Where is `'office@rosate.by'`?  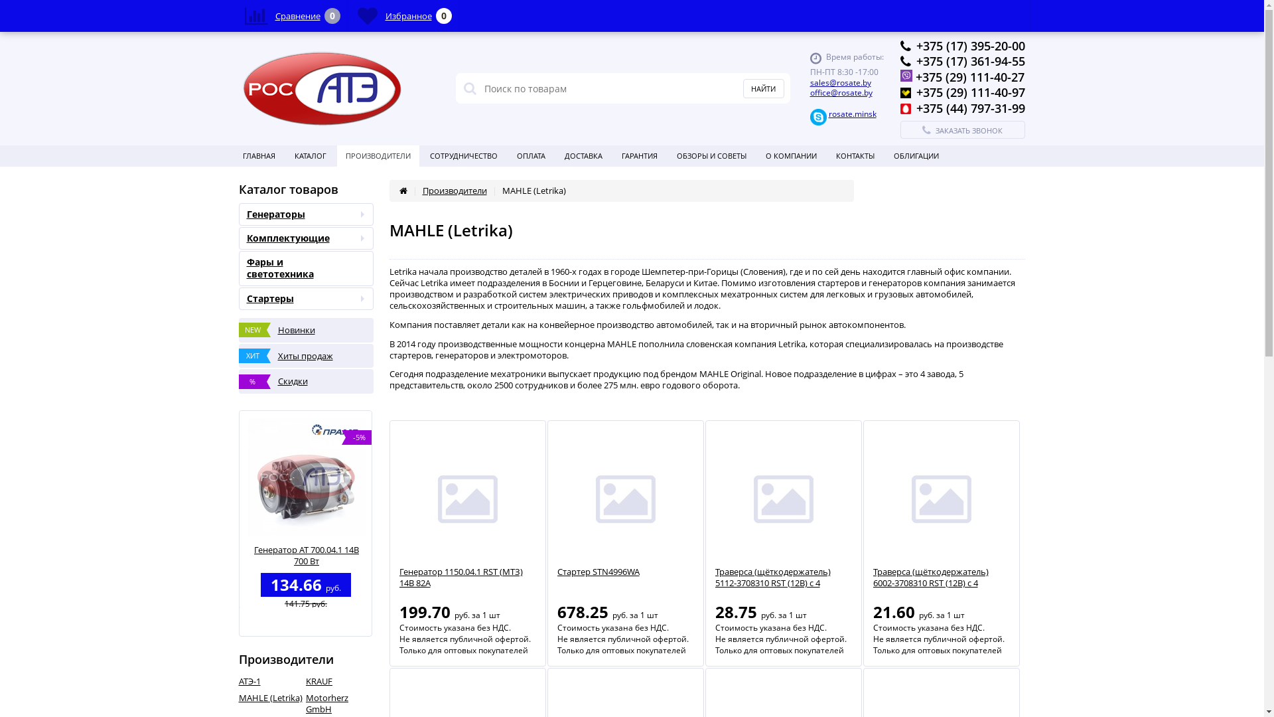
'office@rosate.by' is located at coordinates (840, 92).